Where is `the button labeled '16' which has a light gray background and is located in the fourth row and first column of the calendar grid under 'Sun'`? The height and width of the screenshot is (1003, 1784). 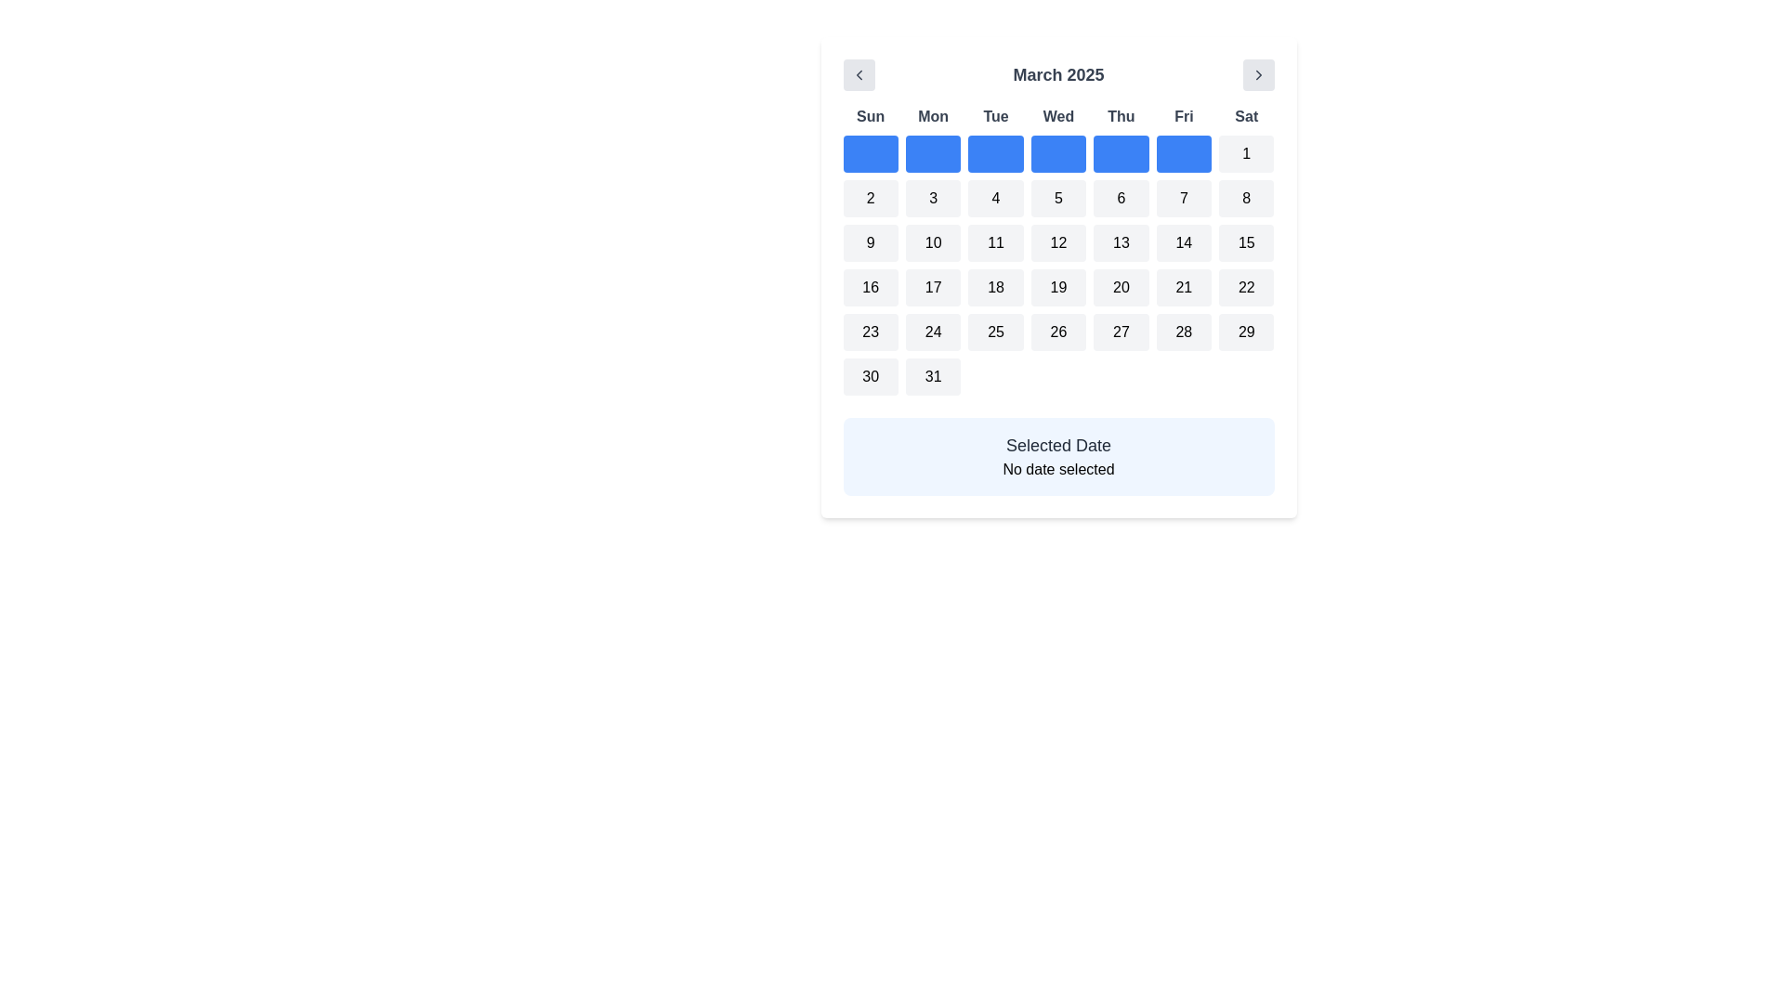
the button labeled '16' which has a light gray background and is located in the fourth row and first column of the calendar grid under 'Sun' is located at coordinates (870, 287).